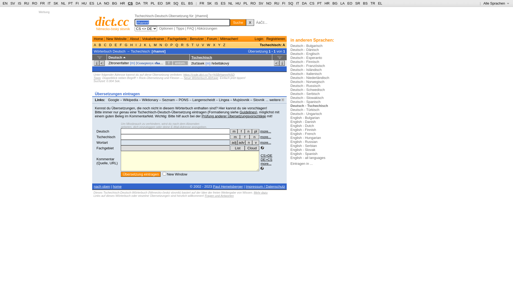 This screenshot has width=513, height=288. What do you see at coordinates (247, 112) in the screenshot?
I see `'Guidelines'` at bounding box center [247, 112].